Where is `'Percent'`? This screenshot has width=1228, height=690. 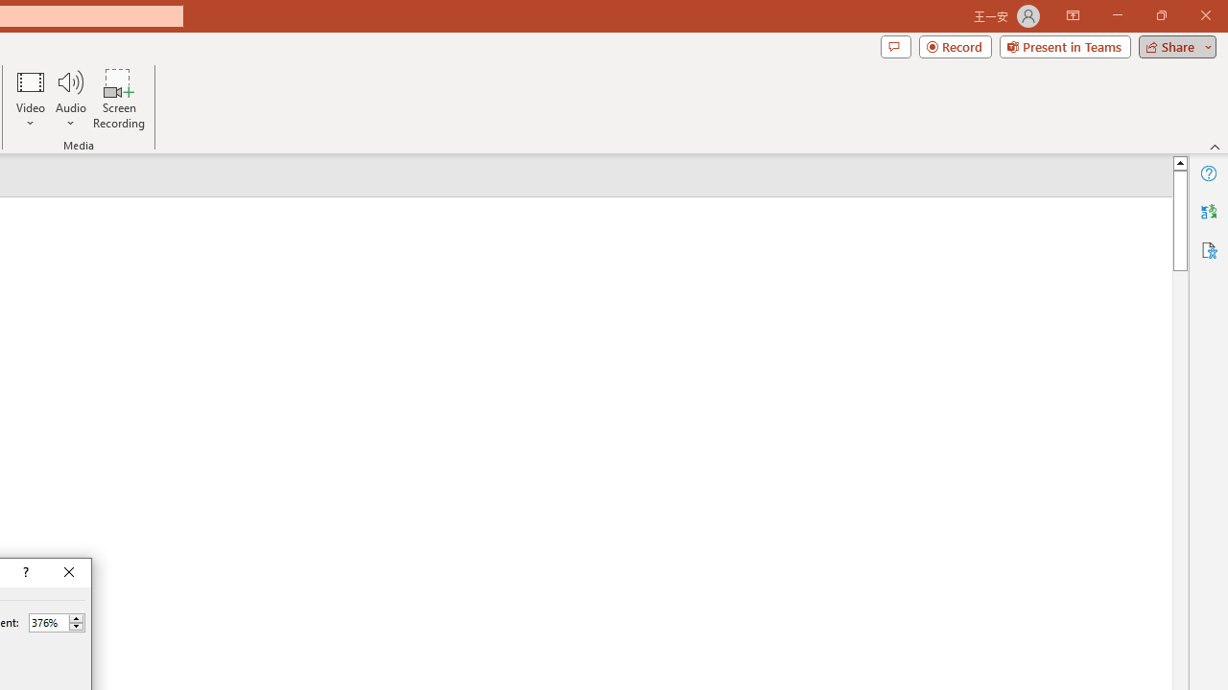 'Percent' is located at coordinates (57, 623).